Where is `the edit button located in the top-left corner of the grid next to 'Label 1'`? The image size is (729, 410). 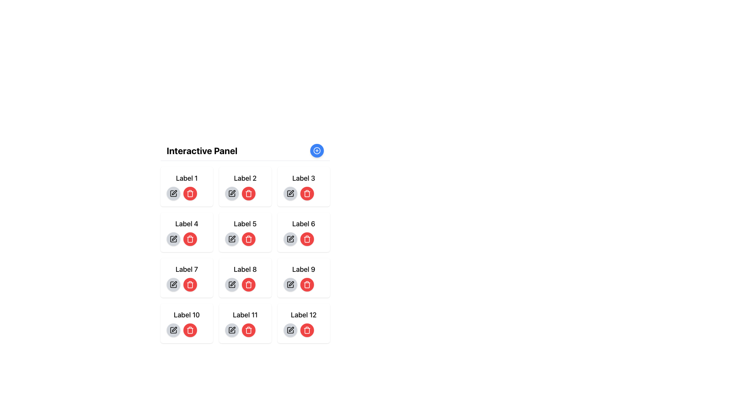 the edit button located in the top-left corner of the grid next to 'Label 1' is located at coordinates (173, 193).